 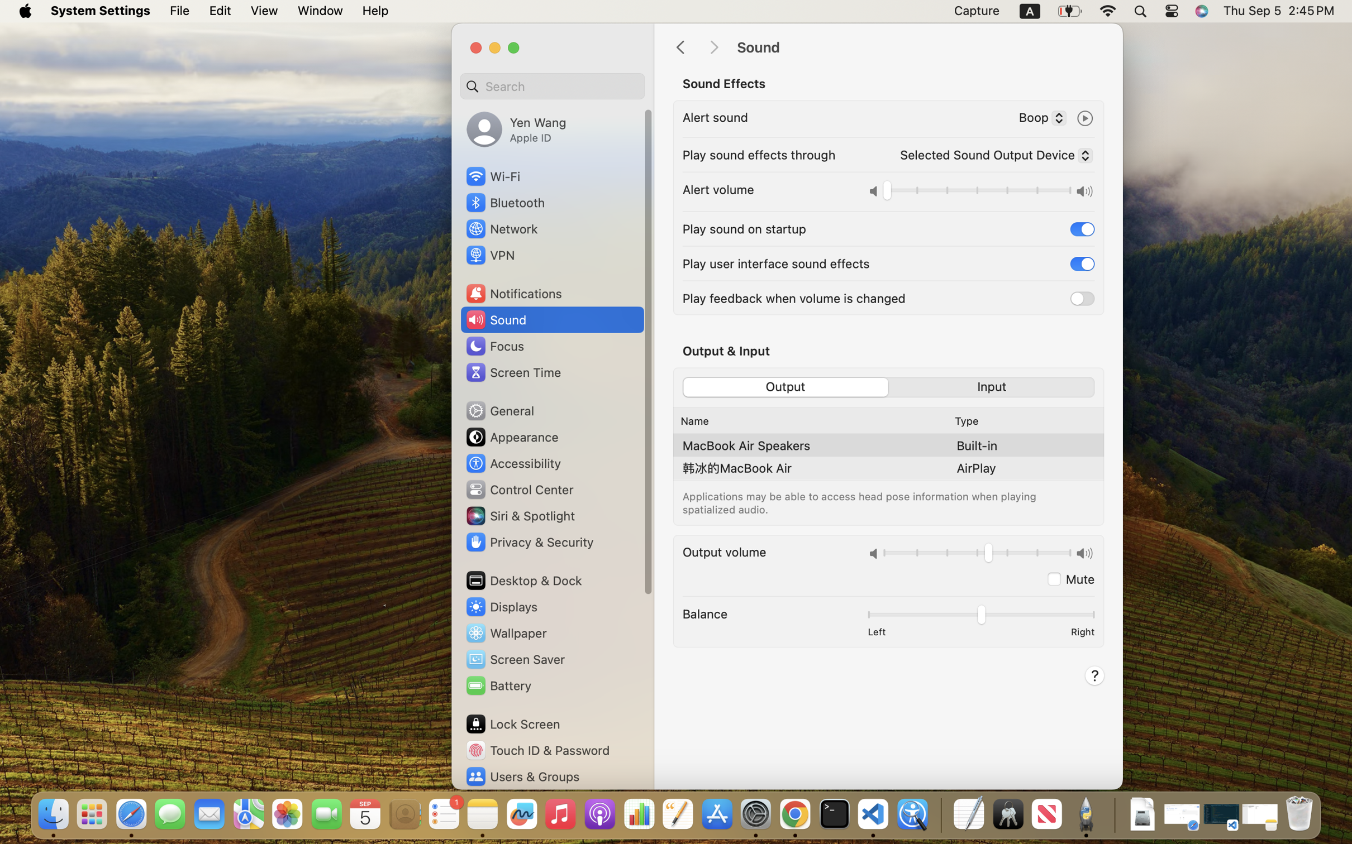 I want to click on 'Wi‑Fi', so click(x=492, y=176).